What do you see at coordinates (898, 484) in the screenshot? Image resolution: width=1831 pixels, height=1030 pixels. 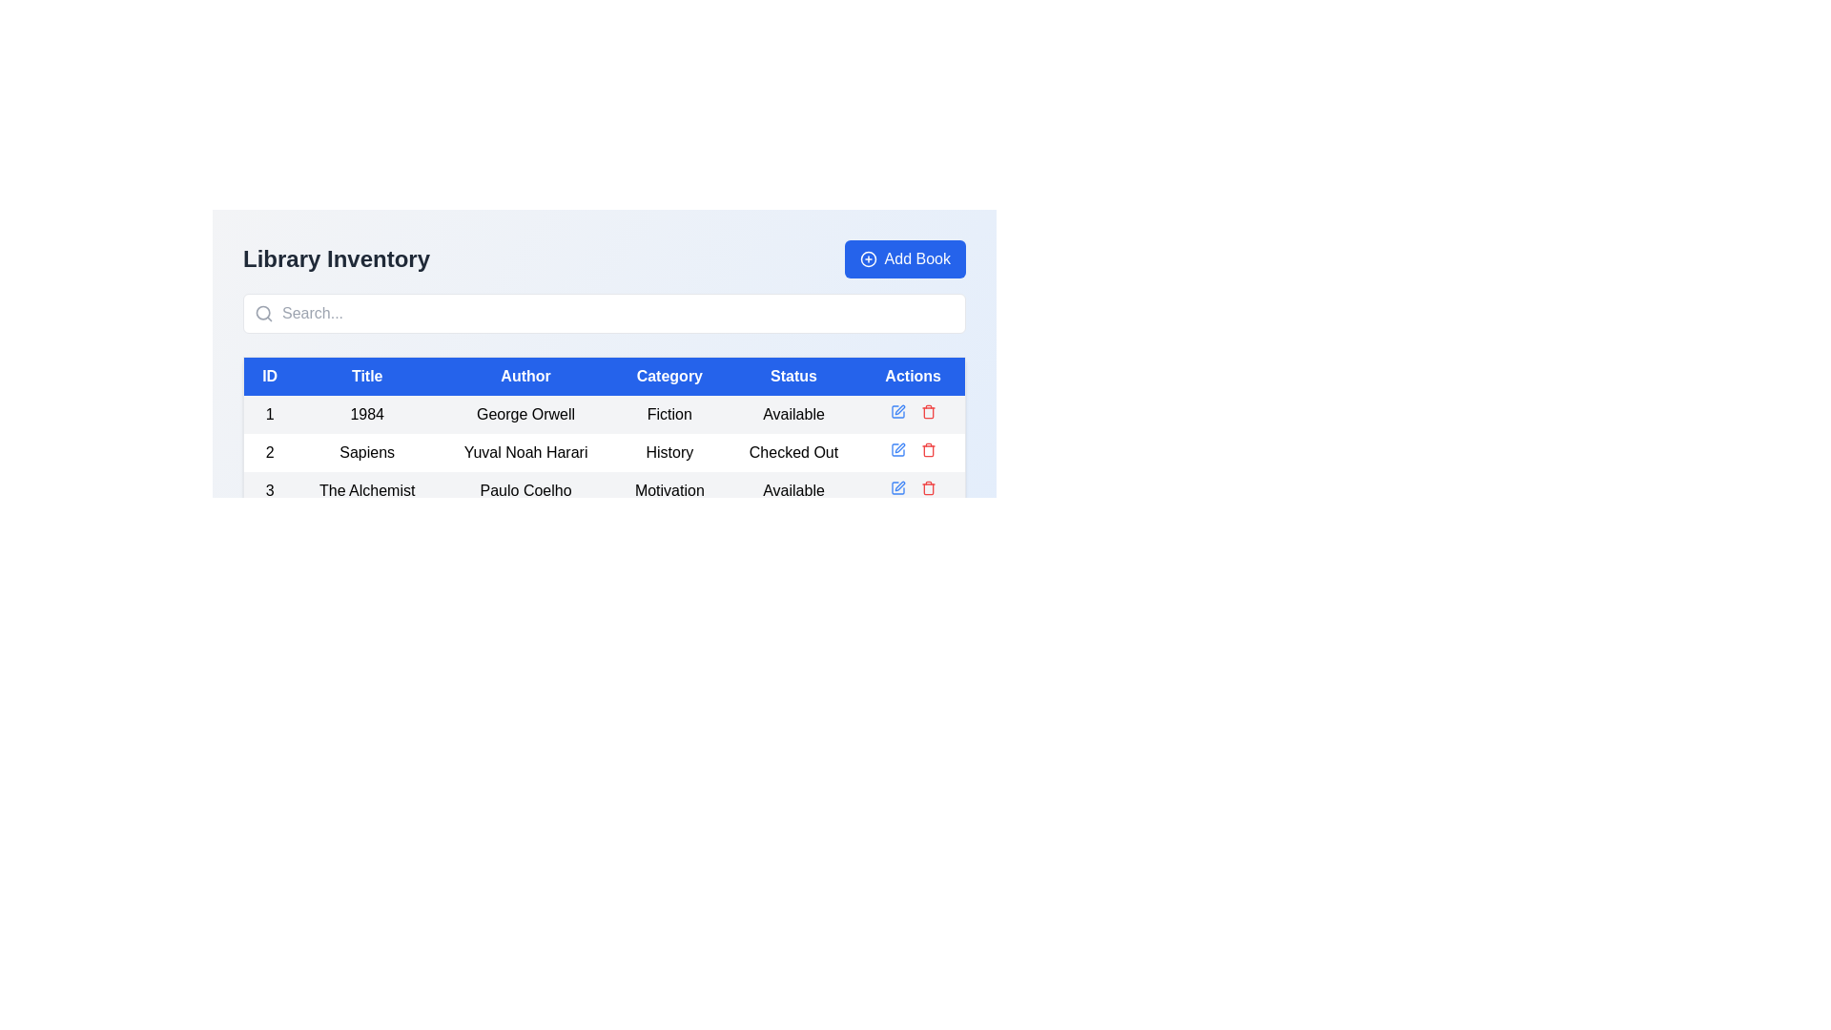 I see `the edit icon resembling a pen or pencil, located in the 'Actions' column of the 'Library Inventory' table for the last entry 'The Alchemist'` at bounding box center [898, 484].